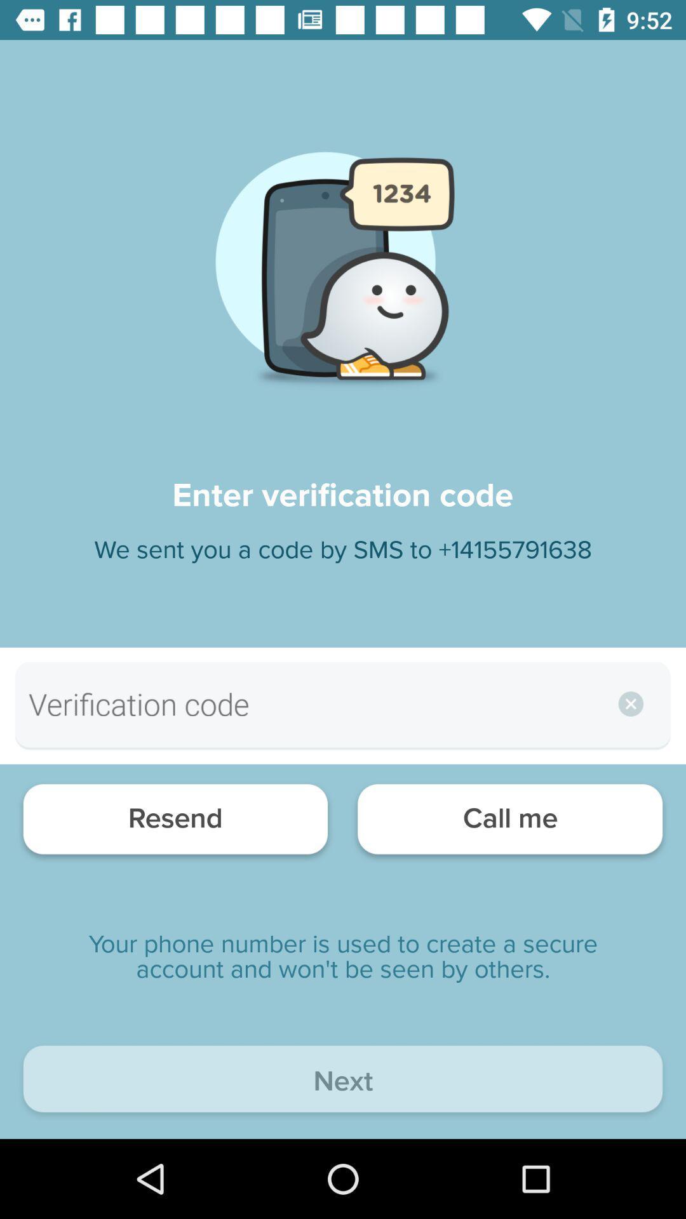  I want to click on item next to the resend icon, so click(509, 822).